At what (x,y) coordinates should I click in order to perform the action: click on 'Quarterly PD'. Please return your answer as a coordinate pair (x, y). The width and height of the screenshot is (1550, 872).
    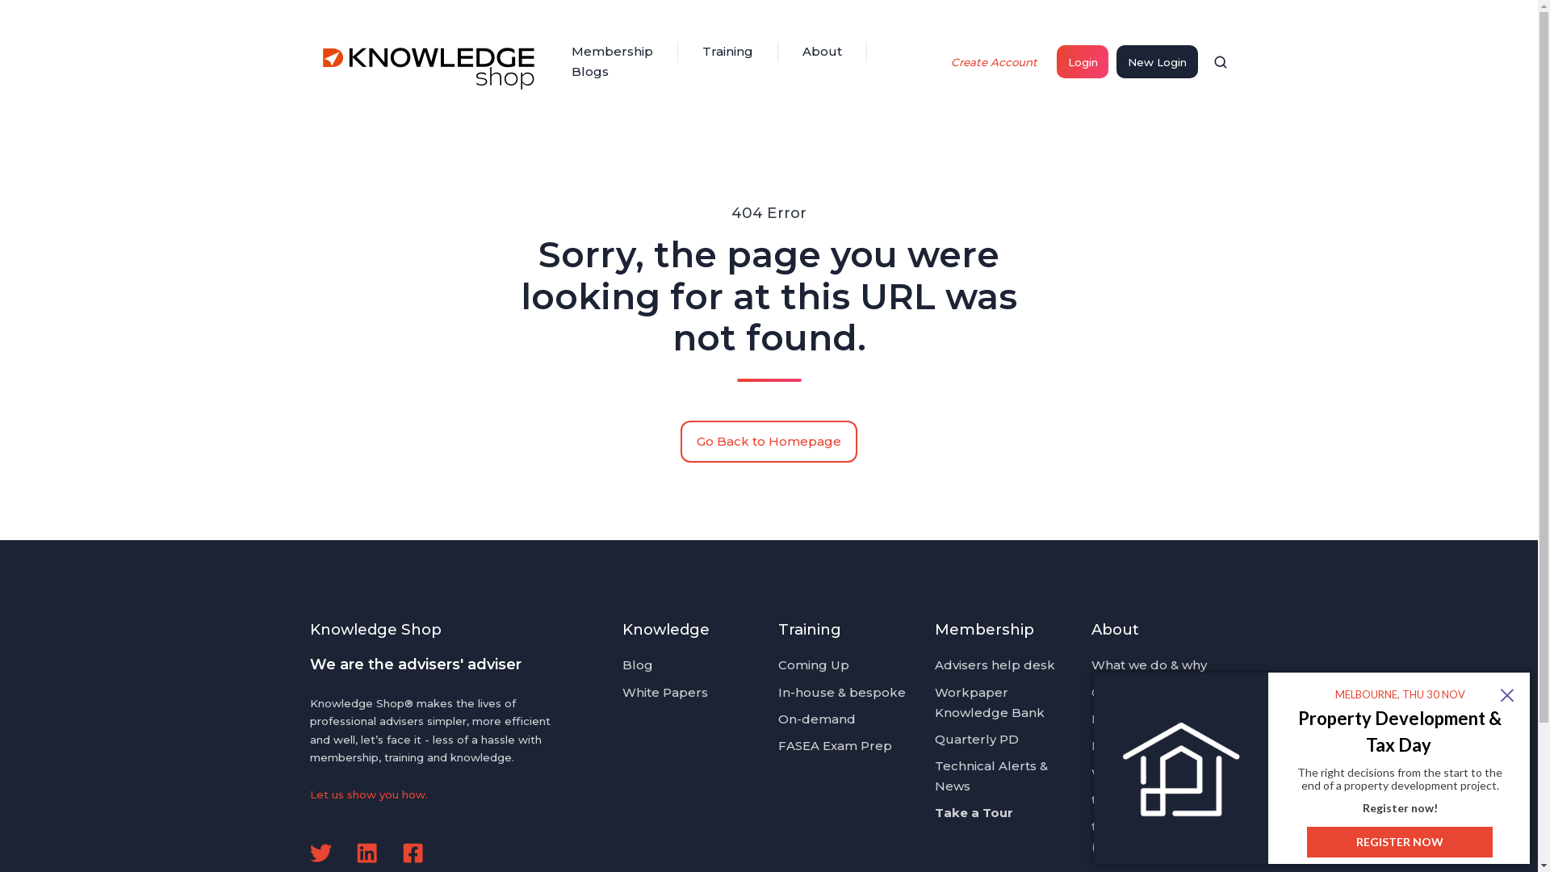
    Looking at the image, I should click on (975, 739).